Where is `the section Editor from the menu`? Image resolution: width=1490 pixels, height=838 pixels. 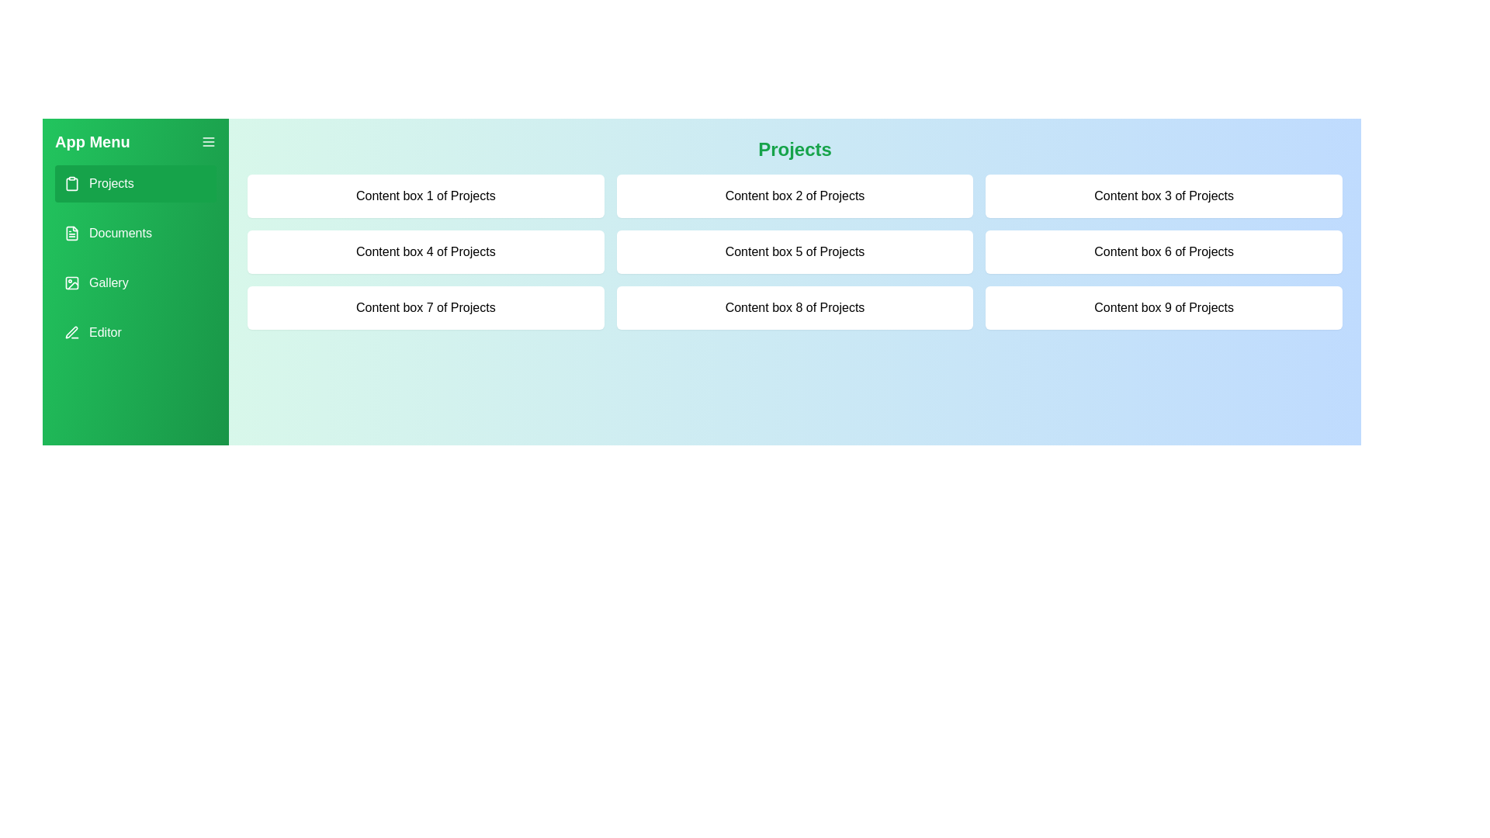 the section Editor from the menu is located at coordinates (135, 331).